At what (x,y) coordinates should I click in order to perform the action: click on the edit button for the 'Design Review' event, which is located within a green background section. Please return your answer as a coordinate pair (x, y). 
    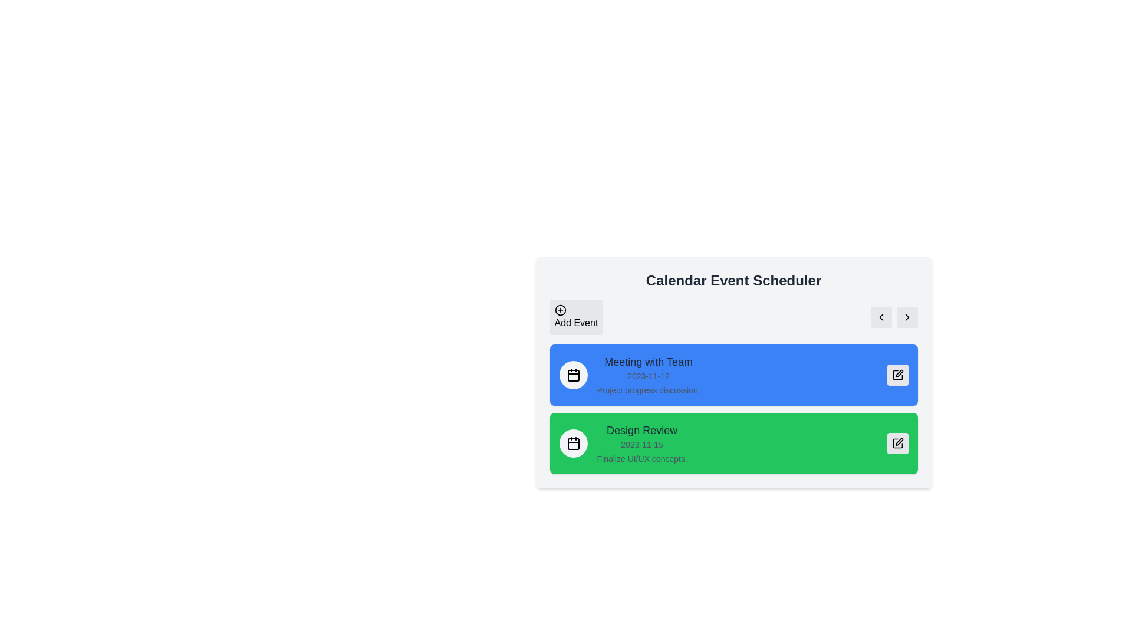
    Looking at the image, I should click on (897, 444).